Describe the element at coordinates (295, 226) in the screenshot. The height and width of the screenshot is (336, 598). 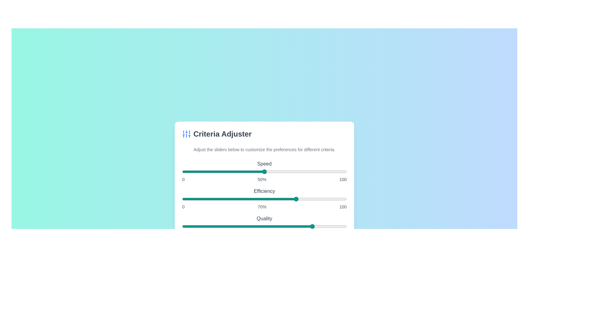
I see `the 'Quality' slider to set its value to 69` at that location.